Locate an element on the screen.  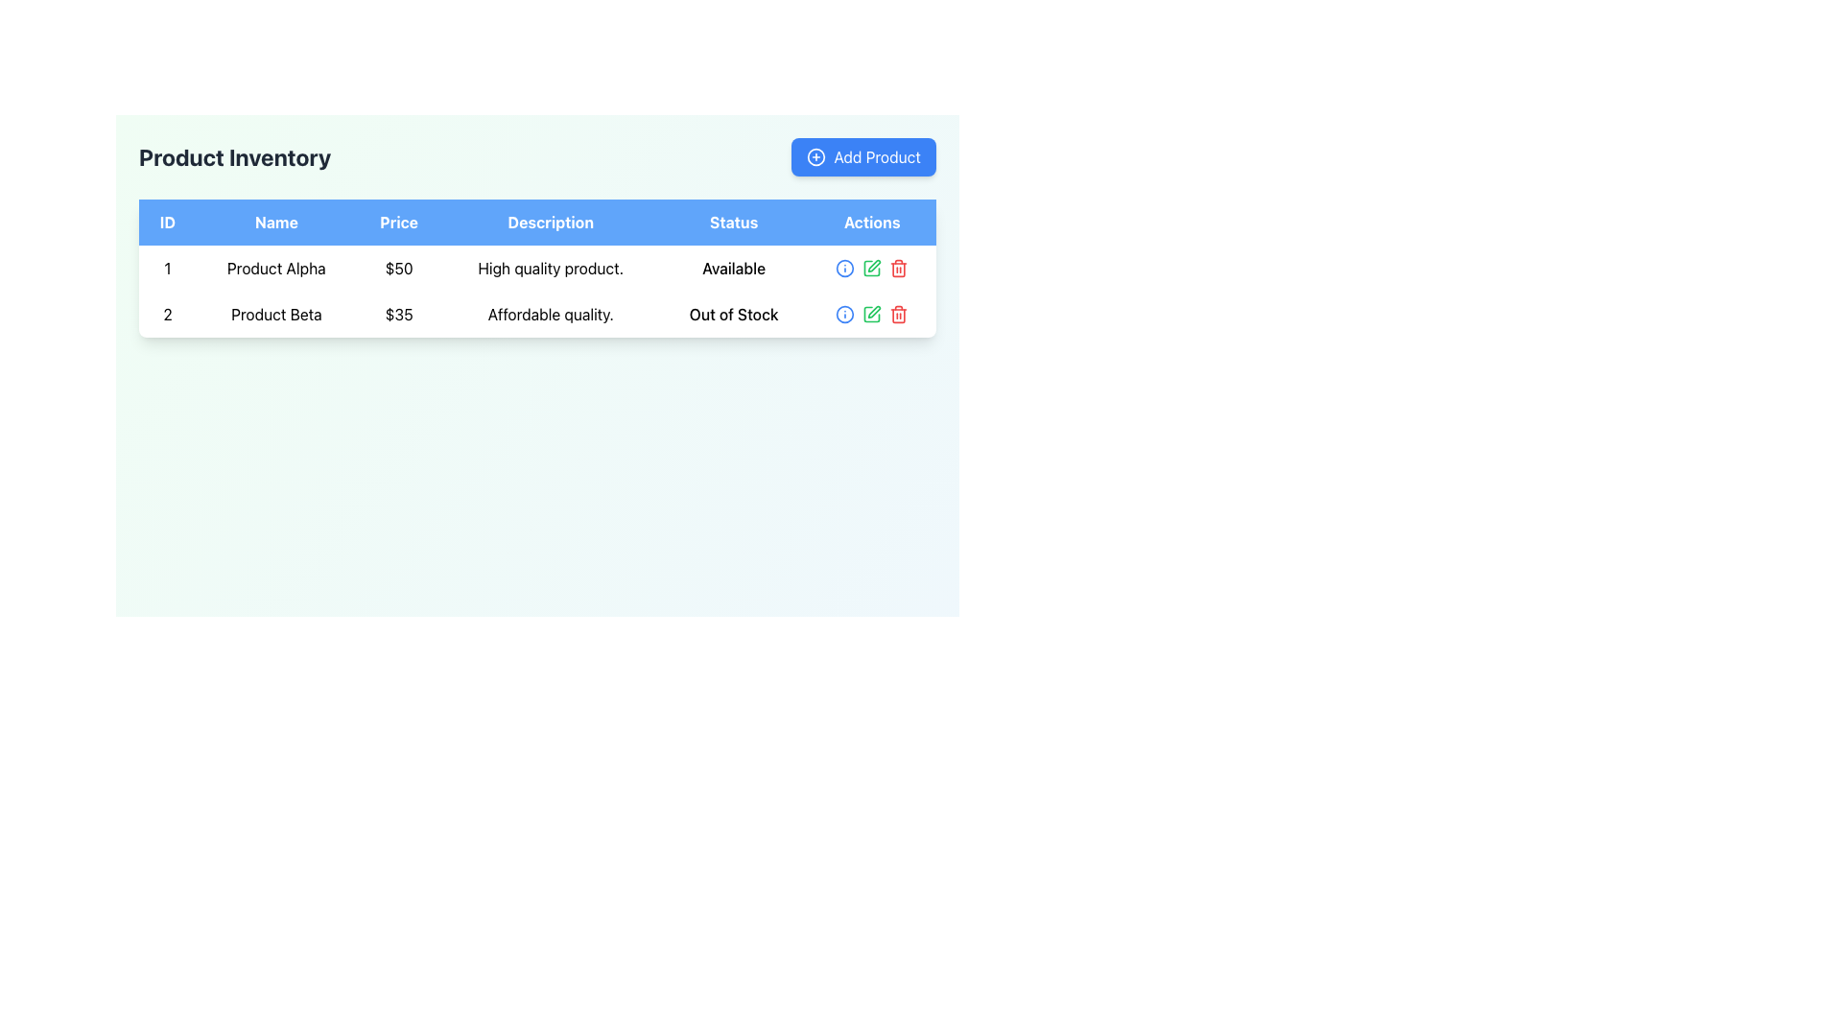
the circular icon button with an informational symbol in the 'Actions' column of the first row in the product table to change its color is located at coordinates (844, 313).